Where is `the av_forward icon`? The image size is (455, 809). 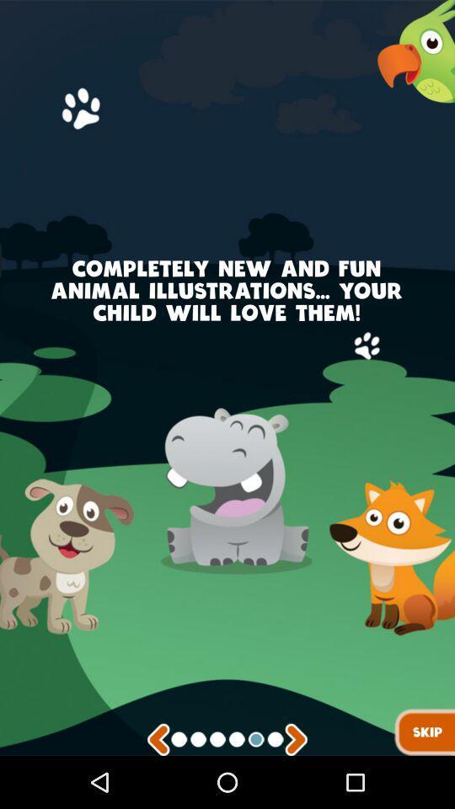
the av_forward icon is located at coordinates (295, 791).